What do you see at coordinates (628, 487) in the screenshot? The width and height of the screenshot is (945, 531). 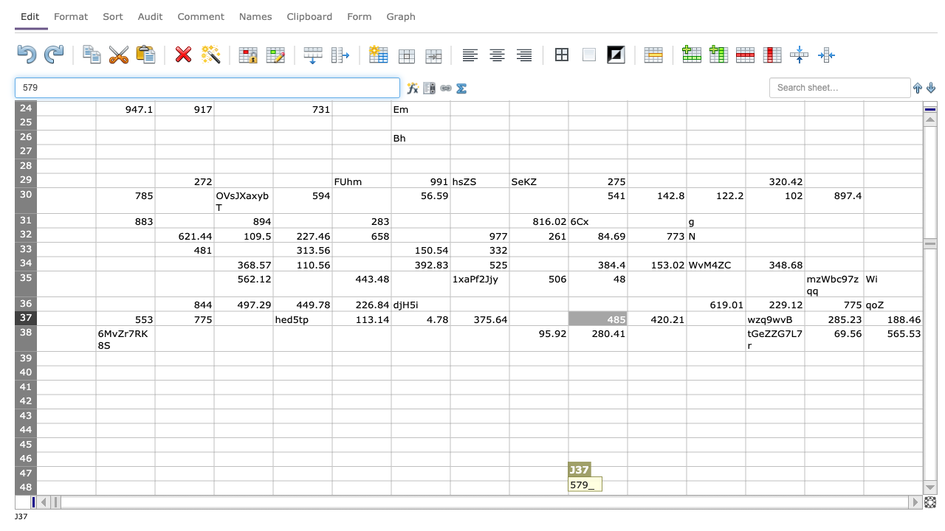 I see `Left margin of K48` at bounding box center [628, 487].